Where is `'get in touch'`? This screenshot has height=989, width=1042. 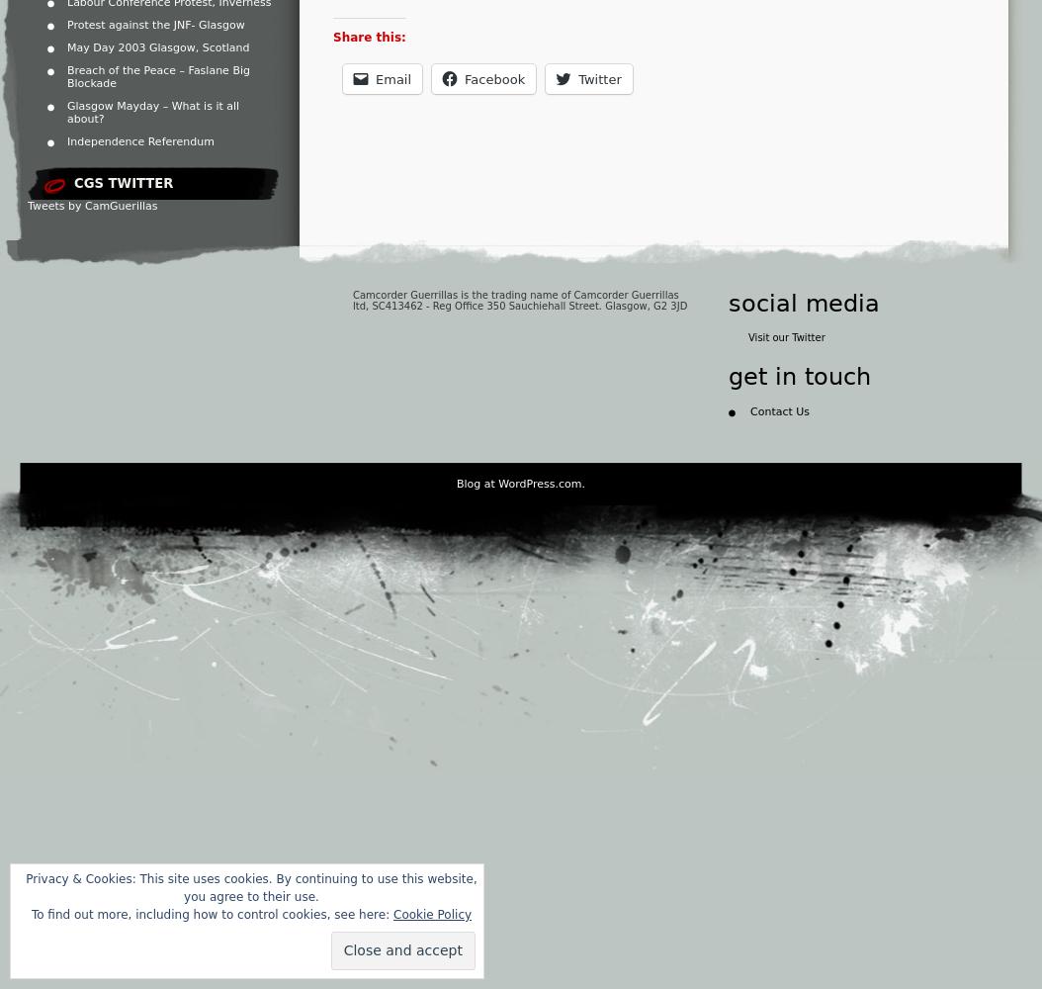
'get in touch' is located at coordinates (799, 377).